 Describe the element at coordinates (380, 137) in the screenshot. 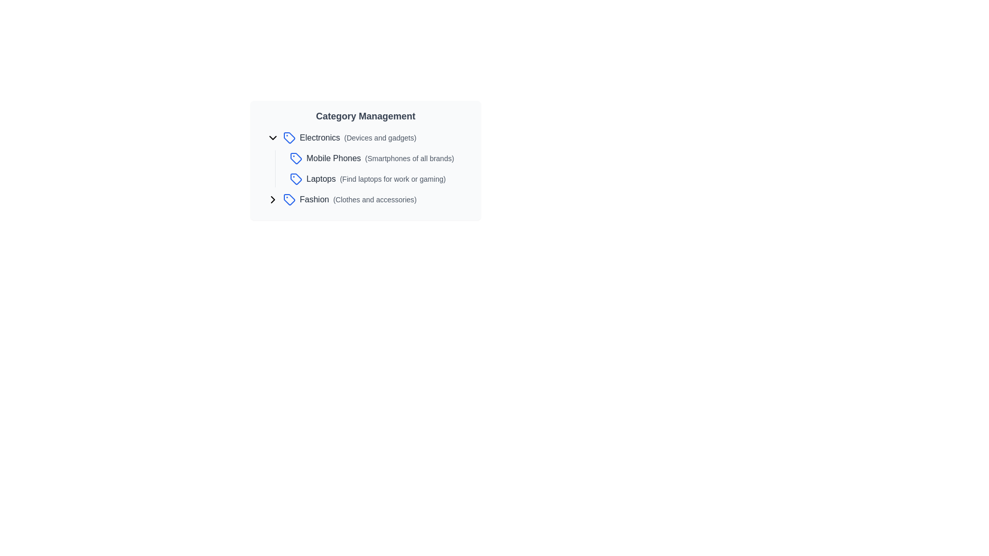

I see `the small text label displaying '(Devices and gadgets)' in a gray-colored font, located next to the 'Electronics' label within the 'Category Management' panel` at that location.